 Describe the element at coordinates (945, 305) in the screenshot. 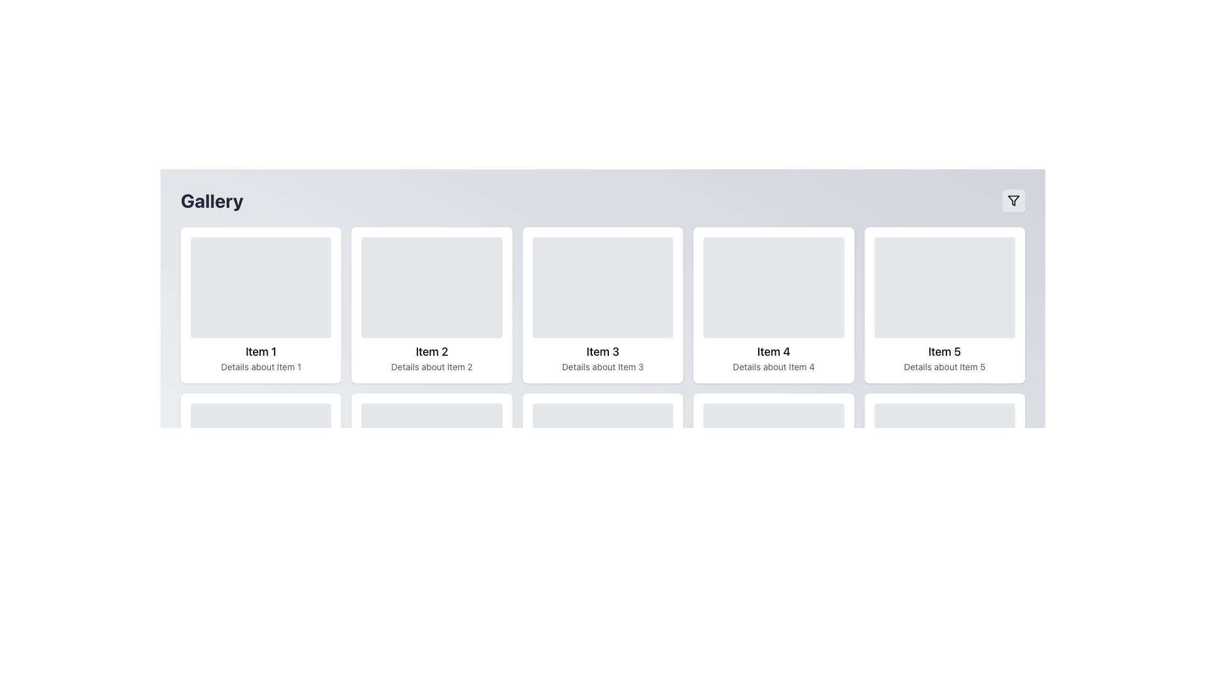

I see `the fifth card in the gallery that represents 'Item 5', located in the first row and last column of the grid` at that location.